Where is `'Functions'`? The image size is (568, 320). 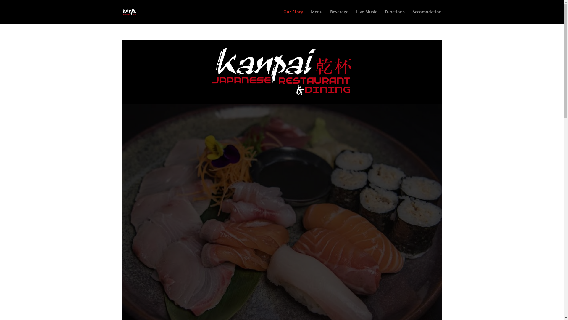
'Functions' is located at coordinates (394, 16).